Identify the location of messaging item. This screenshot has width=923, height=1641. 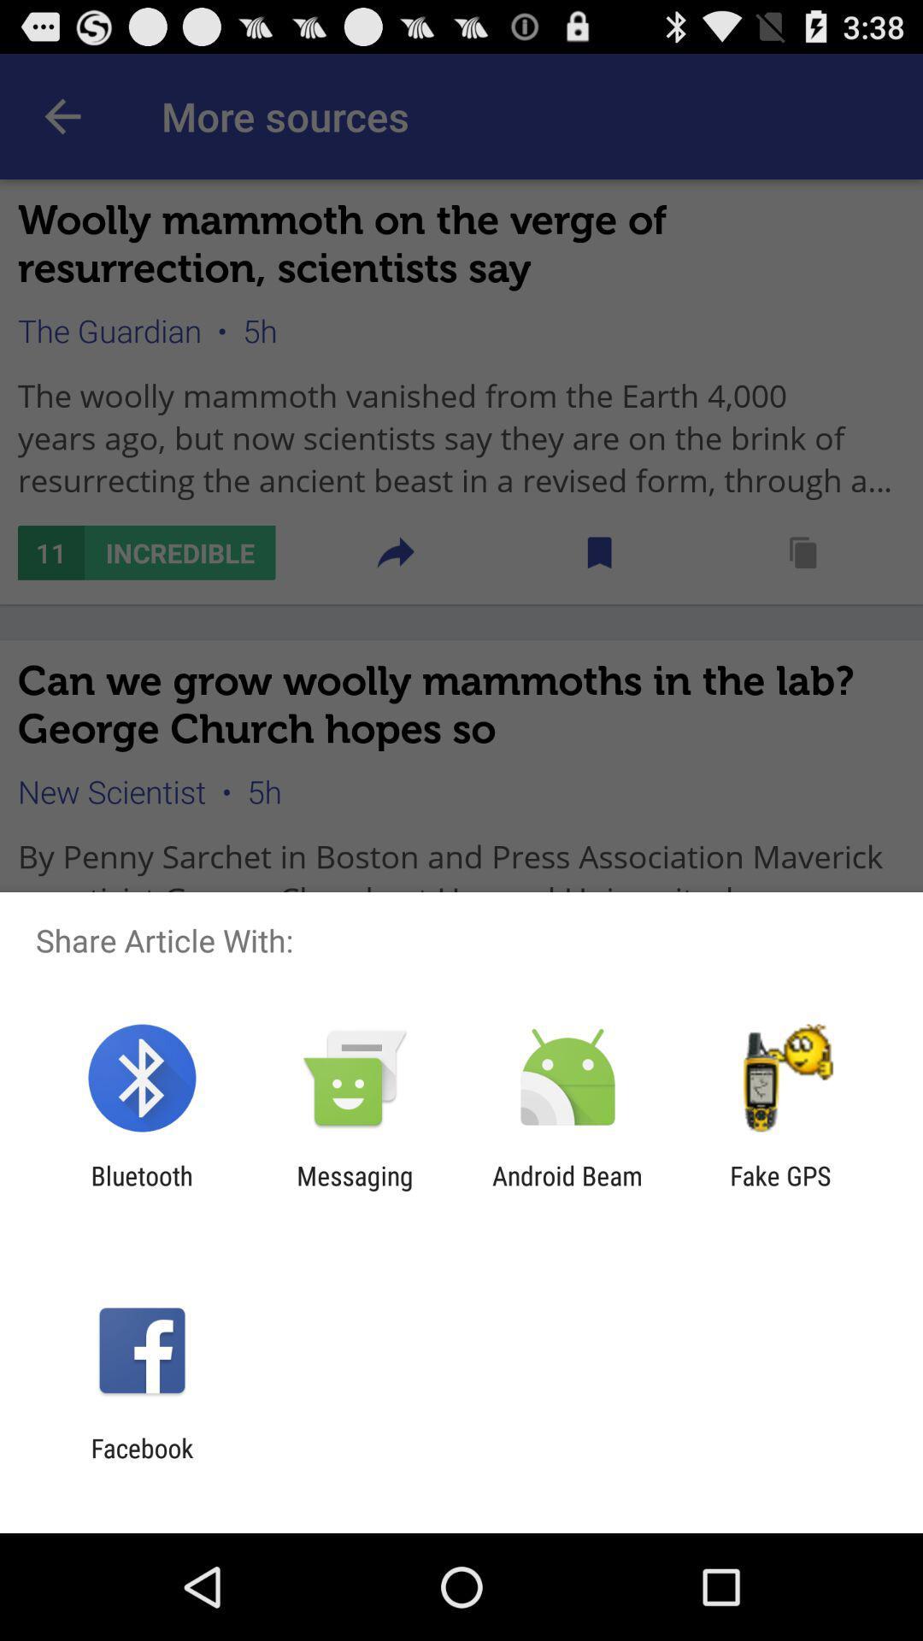
(354, 1190).